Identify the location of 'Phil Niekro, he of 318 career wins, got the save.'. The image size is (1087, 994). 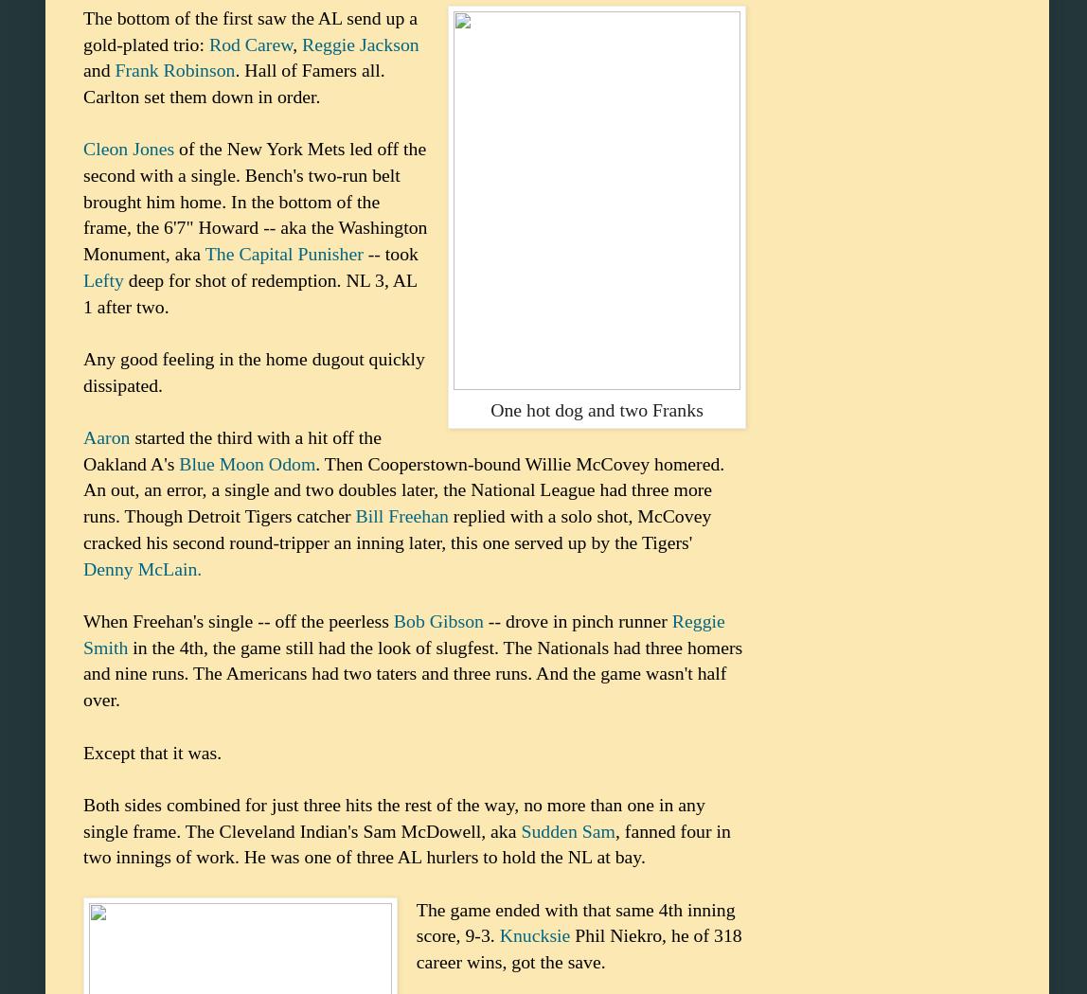
(578, 949).